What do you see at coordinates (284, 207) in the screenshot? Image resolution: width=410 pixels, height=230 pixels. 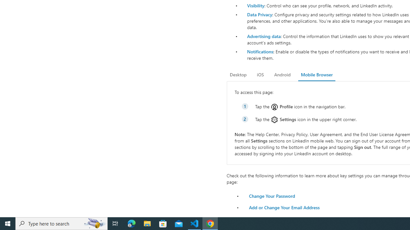 I see `'Add or Change Your Email Address'` at bounding box center [284, 207].